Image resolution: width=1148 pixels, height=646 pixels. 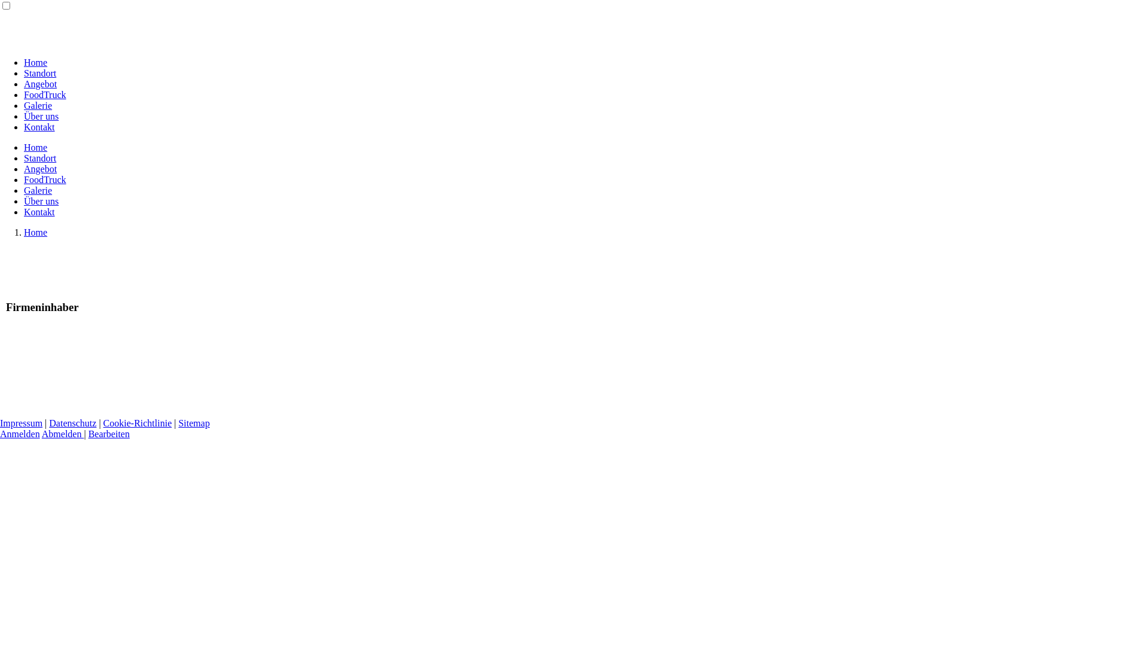 I want to click on 'Kontakt', so click(x=23, y=211).